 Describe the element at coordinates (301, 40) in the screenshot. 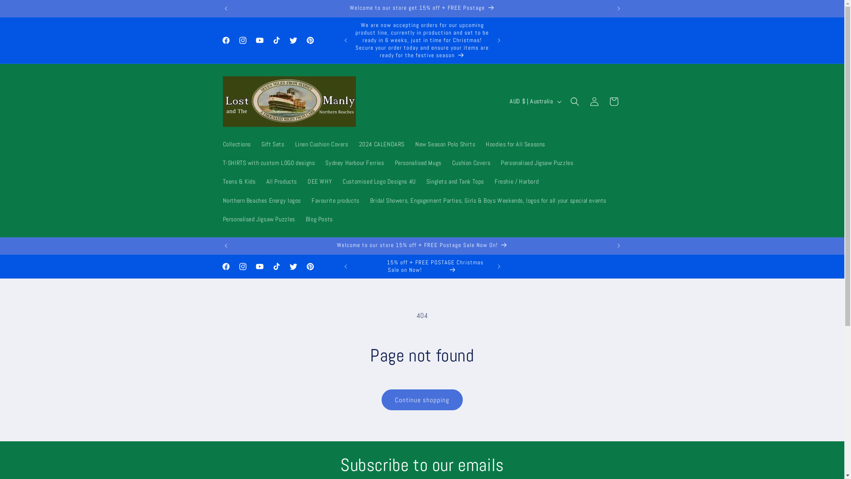

I see `'Pinterest'` at that location.